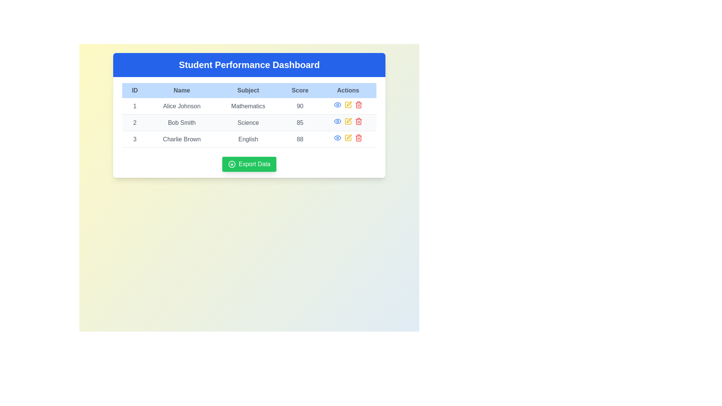  What do you see at coordinates (248, 139) in the screenshot?
I see `the Text Label displaying the subject 'English' for the student 'Charlie Brown', located in the third row under the 'Subject' column, between 'Name' and 'Score'` at bounding box center [248, 139].